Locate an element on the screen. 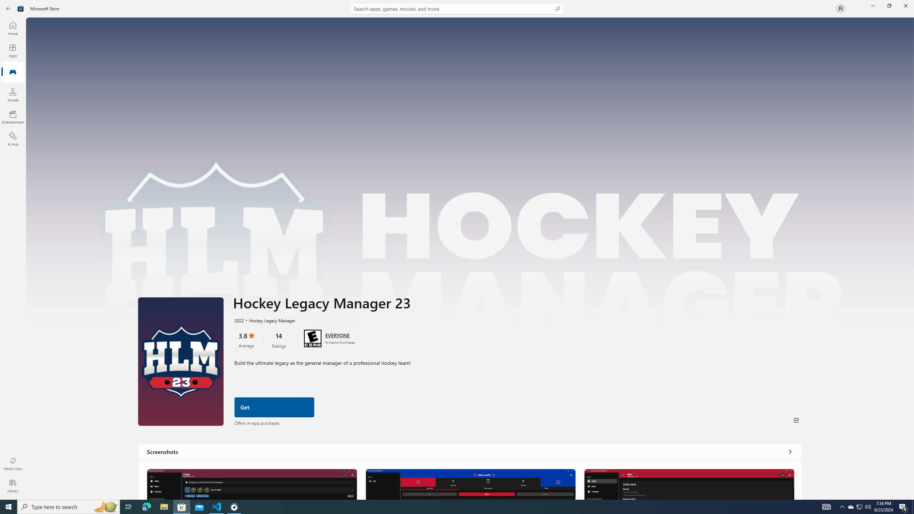 The width and height of the screenshot is (914, 514). 'Home' is located at coordinates (12, 28).